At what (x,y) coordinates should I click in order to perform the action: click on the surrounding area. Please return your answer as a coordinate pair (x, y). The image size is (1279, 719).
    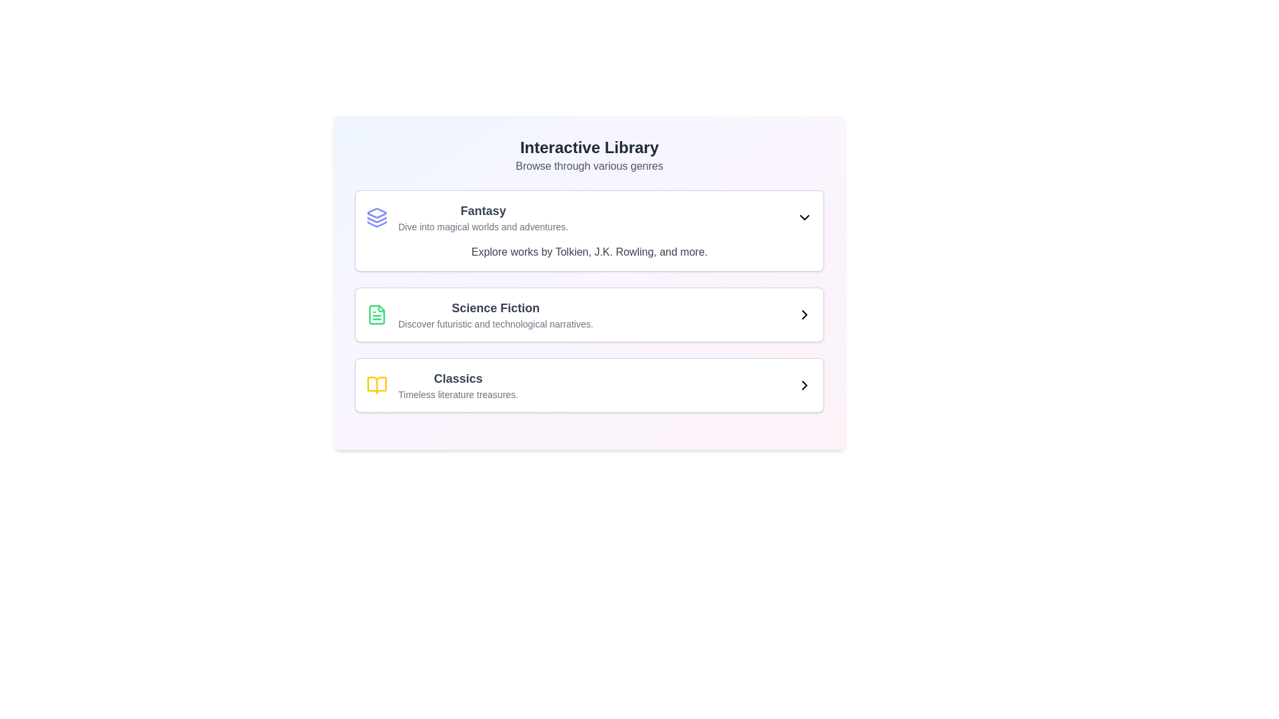
    Looking at the image, I should click on (482, 217).